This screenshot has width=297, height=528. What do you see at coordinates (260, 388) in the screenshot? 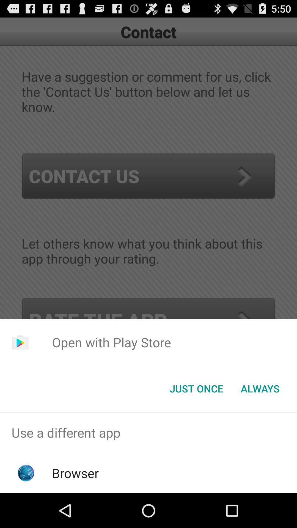
I see `always at the bottom right corner` at bounding box center [260, 388].